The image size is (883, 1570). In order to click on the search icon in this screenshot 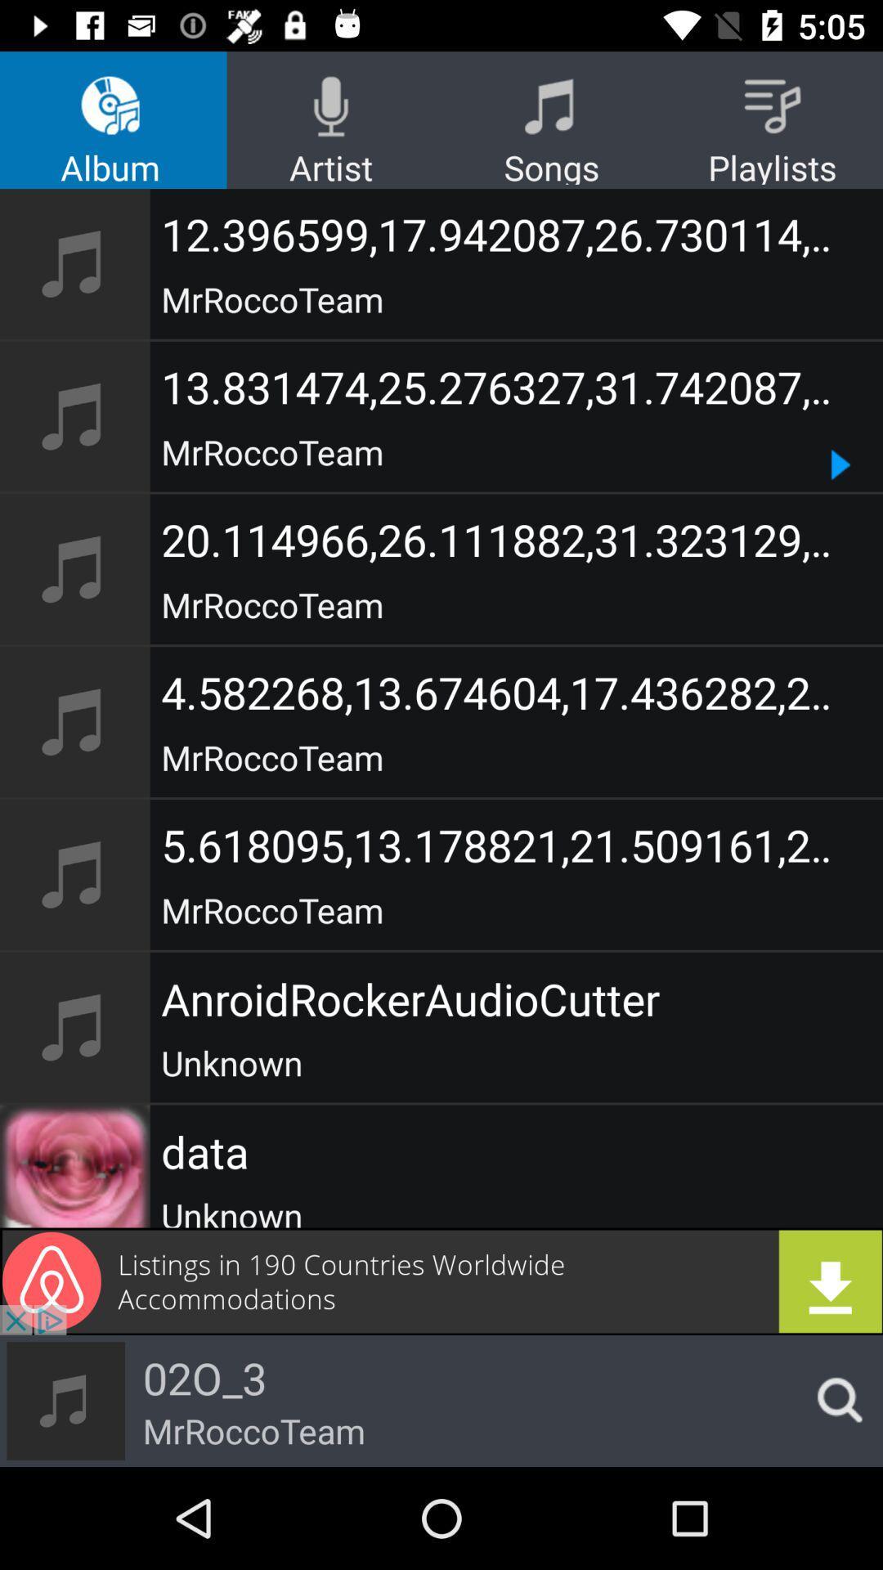, I will do `click(835, 1400)`.